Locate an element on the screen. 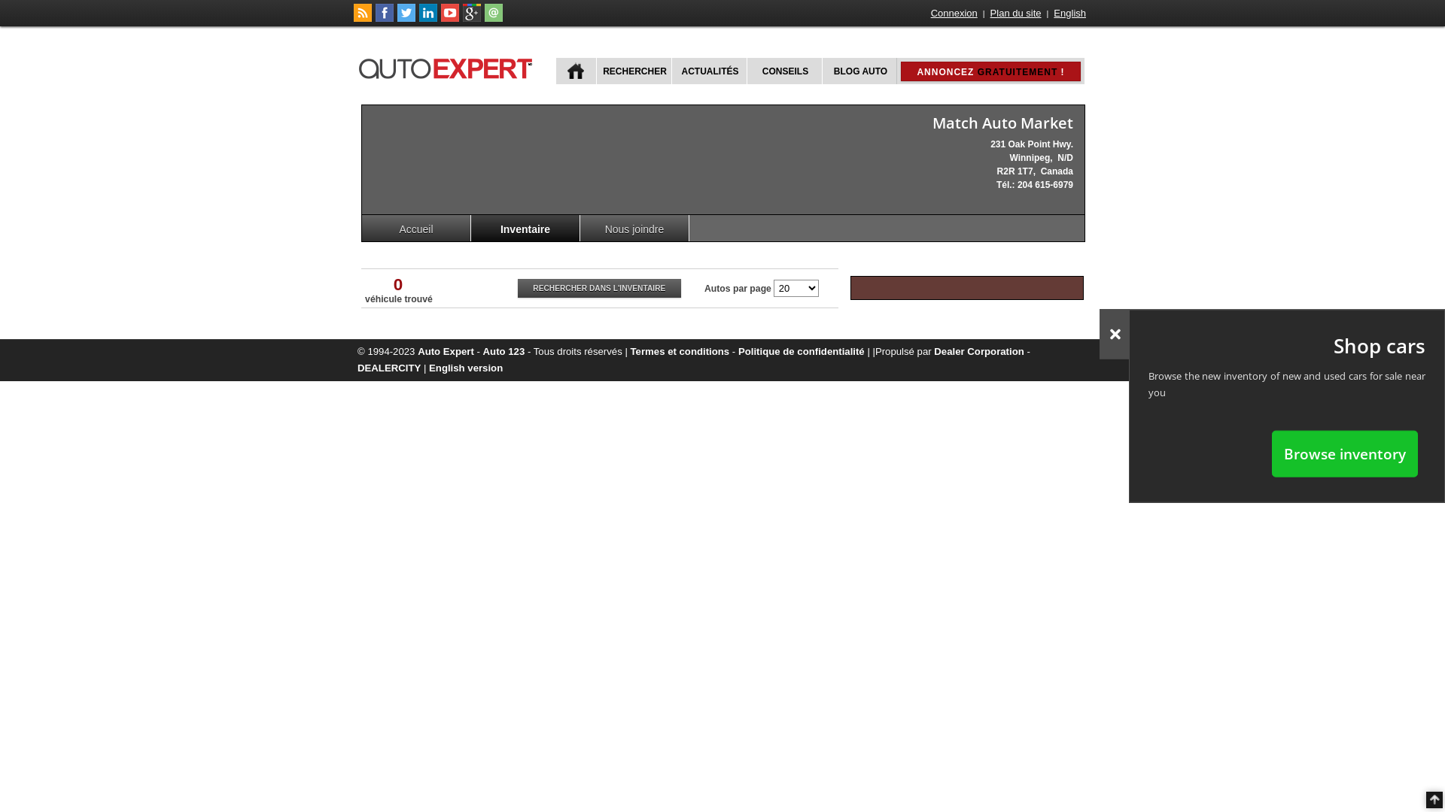 Image resolution: width=1445 pixels, height=812 pixels. 'CONSEILS' is located at coordinates (783, 71).